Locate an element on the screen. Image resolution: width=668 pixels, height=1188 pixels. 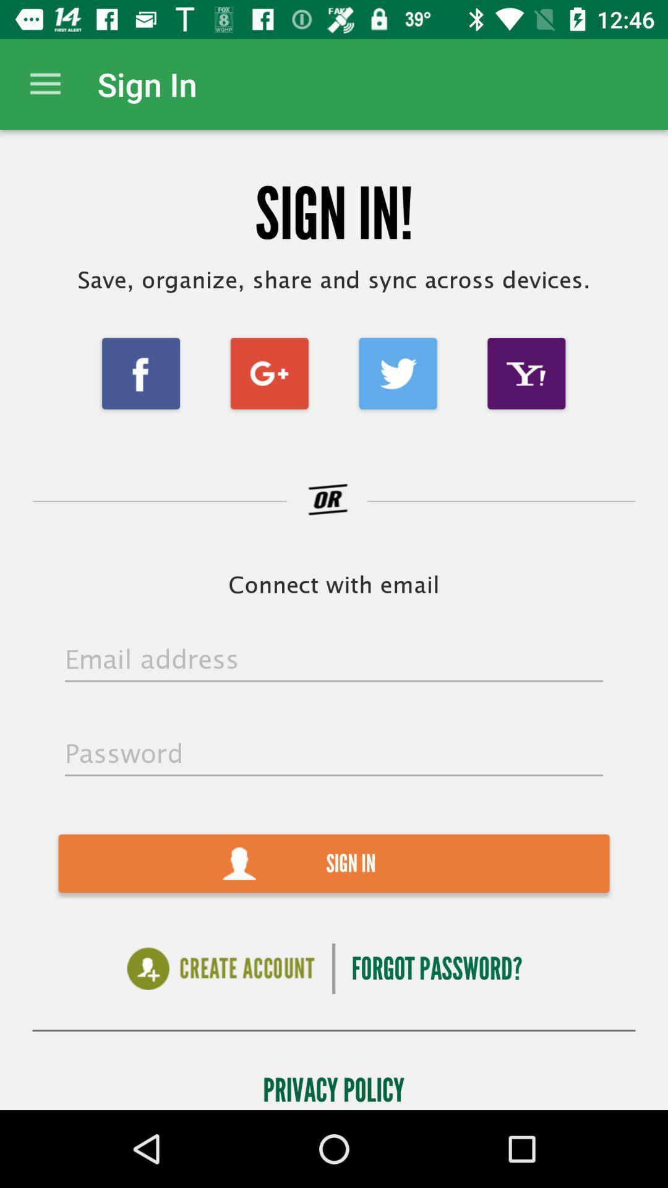
the facebook icon is located at coordinates (140, 372).